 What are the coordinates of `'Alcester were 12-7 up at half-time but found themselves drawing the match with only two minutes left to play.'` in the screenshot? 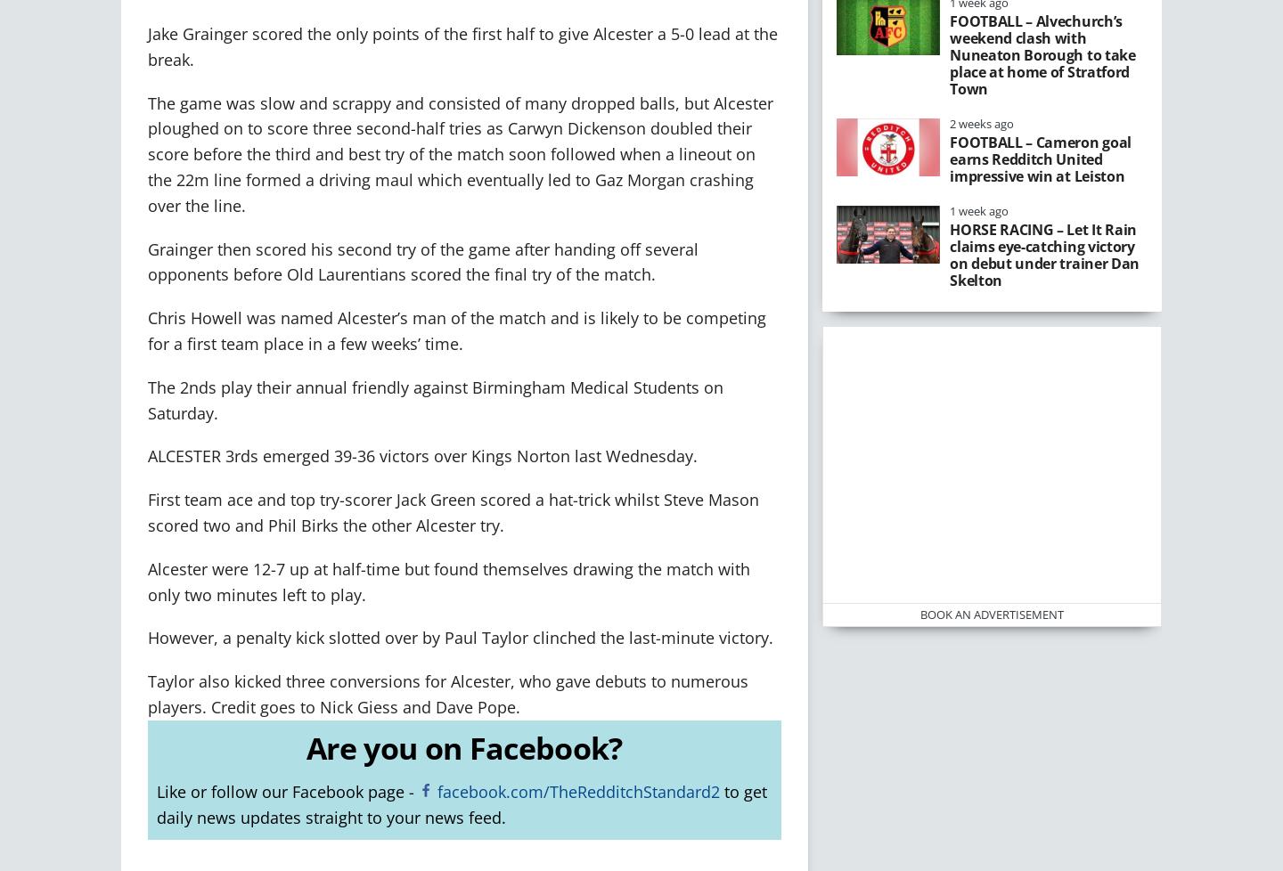 It's located at (147, 581).